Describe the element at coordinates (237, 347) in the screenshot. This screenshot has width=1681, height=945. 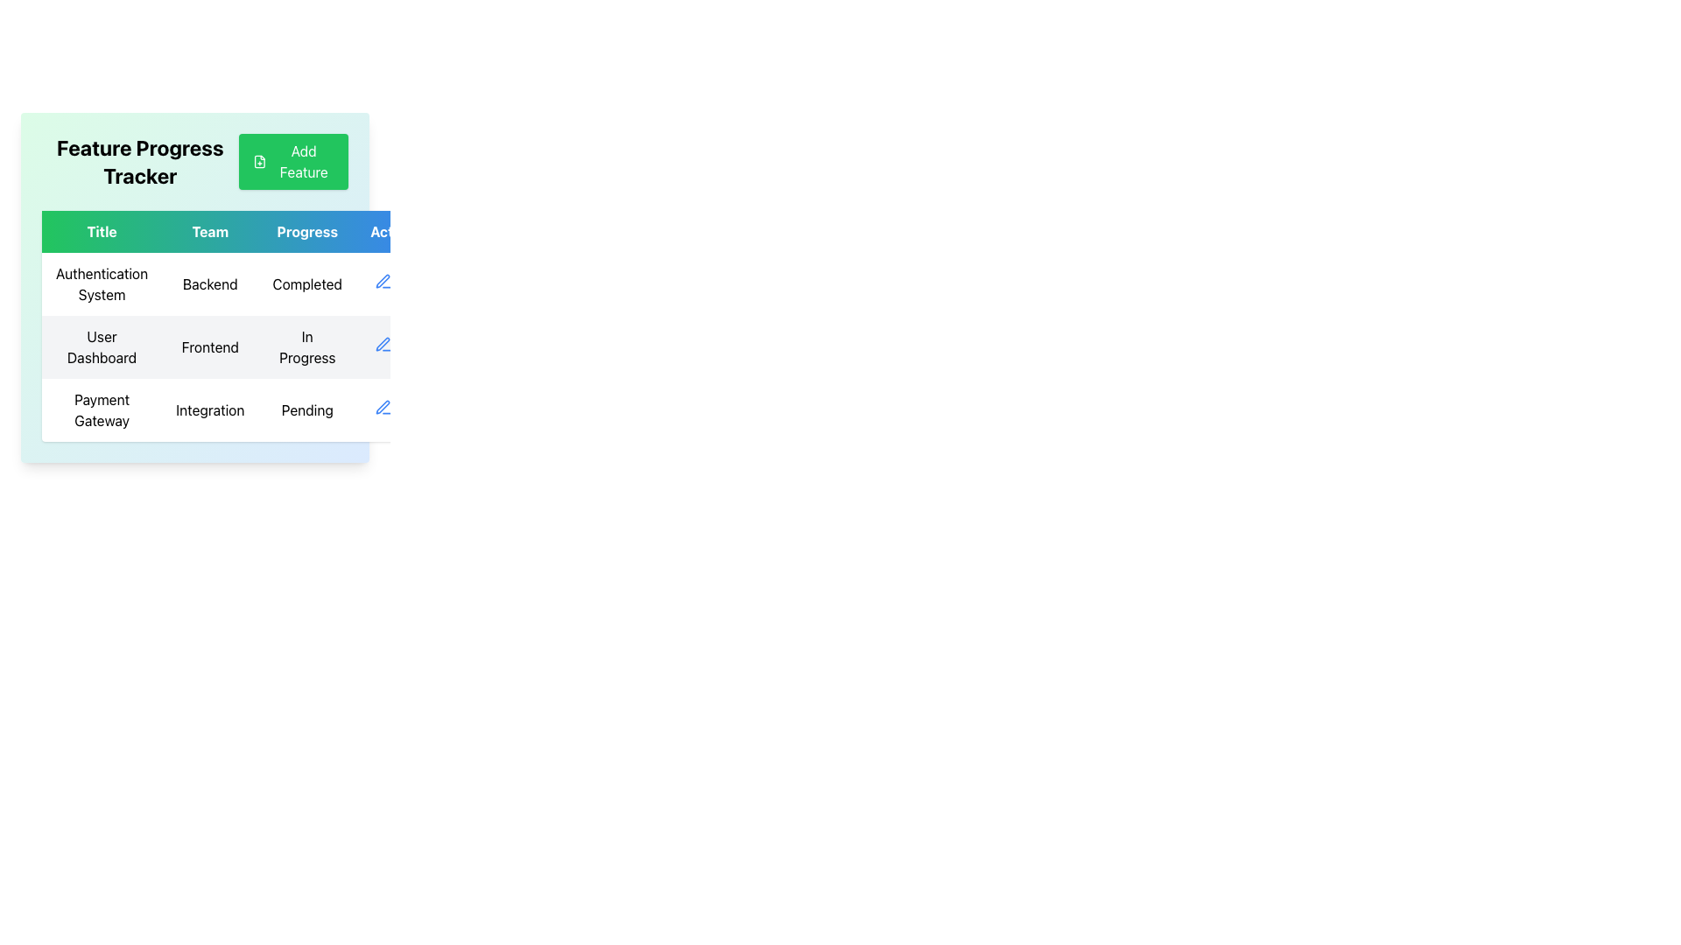
I see `the second row of the User Dashboard table` at that location.